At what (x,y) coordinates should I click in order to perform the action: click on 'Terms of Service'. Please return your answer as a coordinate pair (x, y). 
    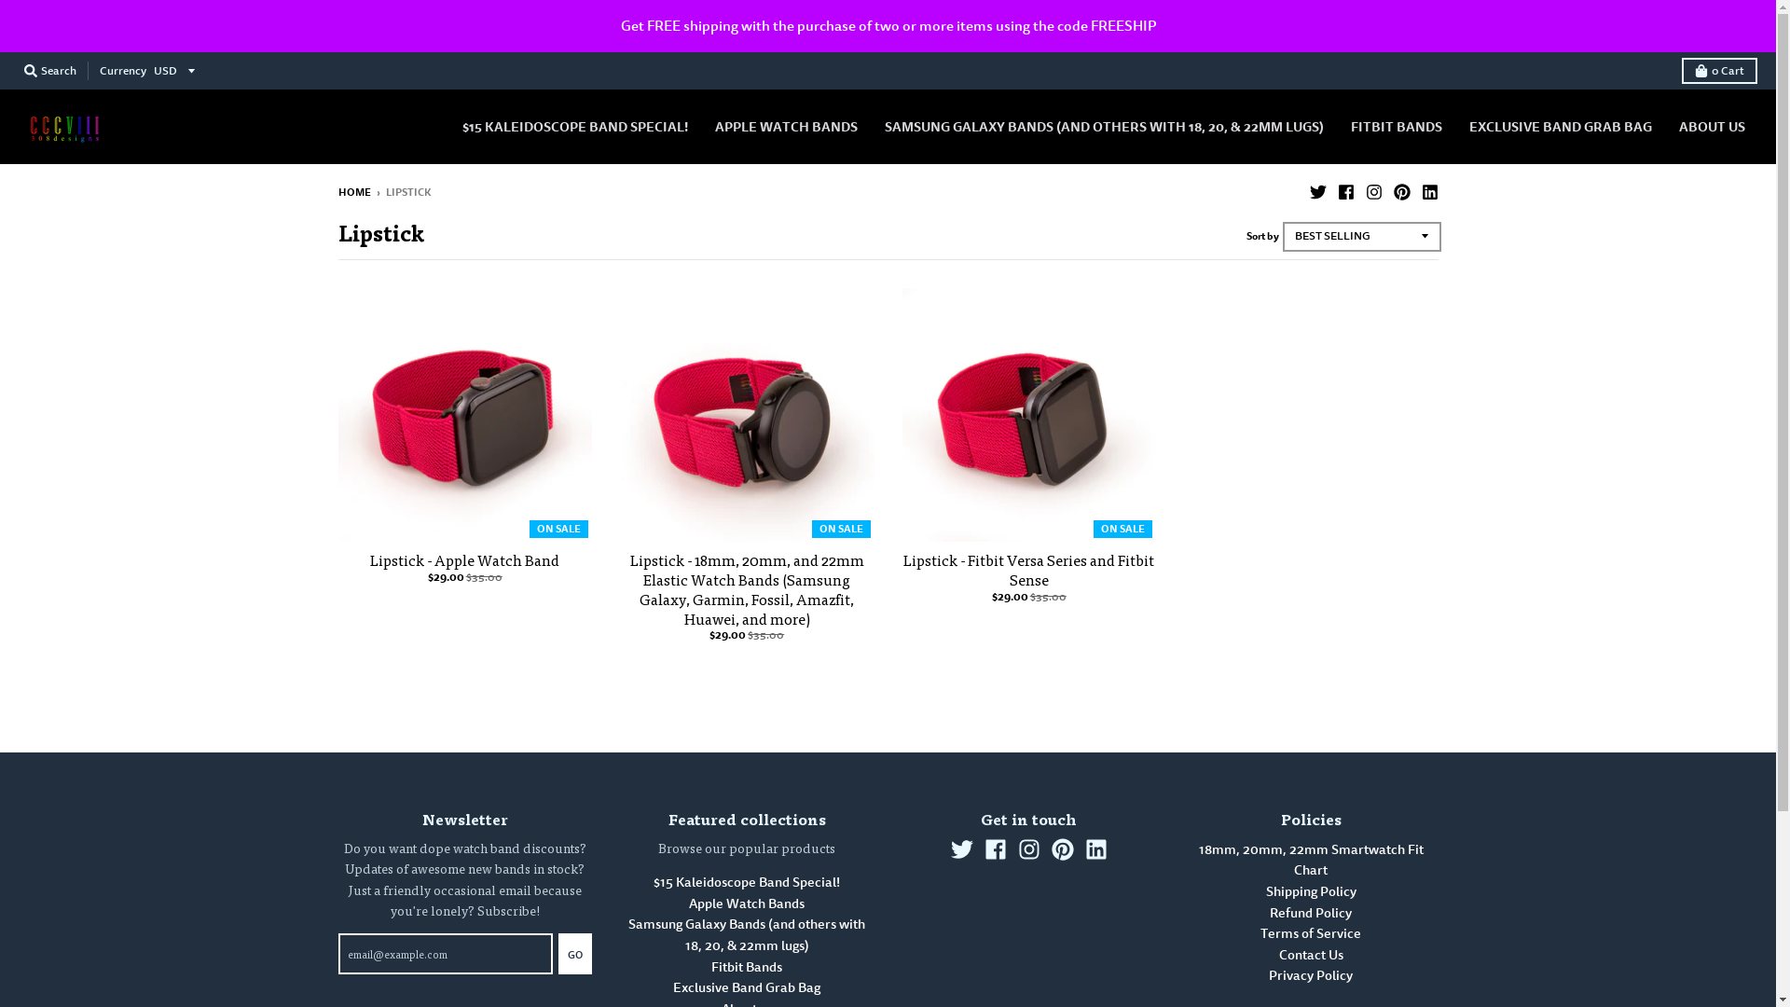
    Looking at the image, I should click on (1310, 933).